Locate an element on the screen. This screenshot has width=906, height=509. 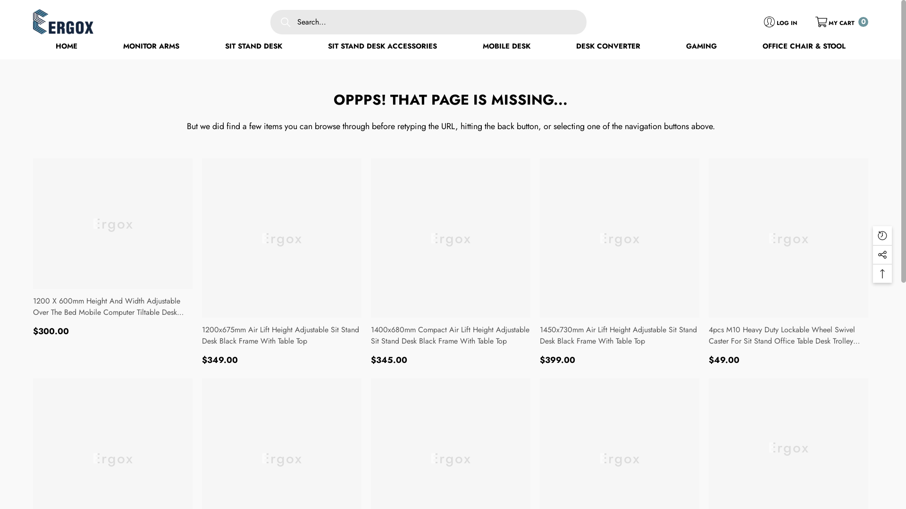
'SIT STAND DESK' is located at coordinates (253, 47).